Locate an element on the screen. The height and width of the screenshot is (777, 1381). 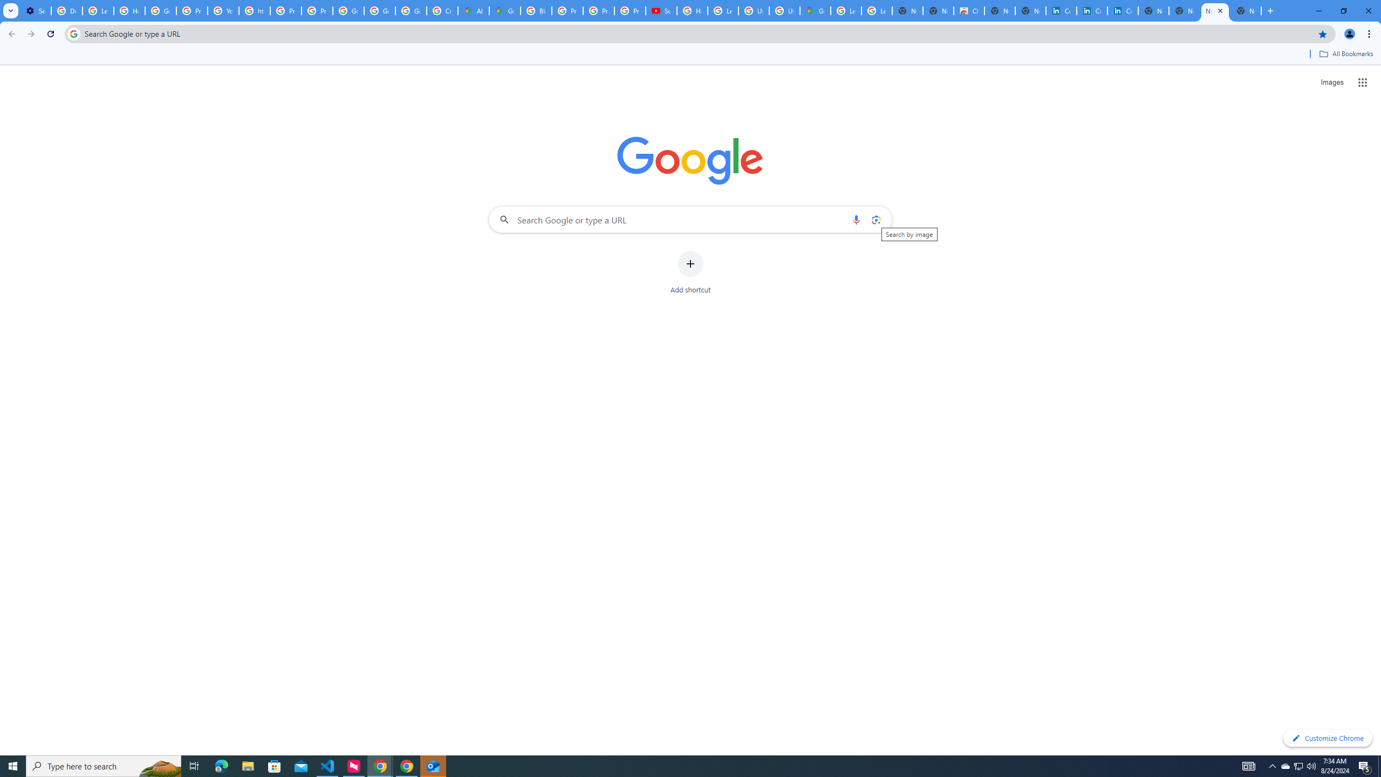
'Subscriptions - YouTube' is located at coordinates (661, 10).